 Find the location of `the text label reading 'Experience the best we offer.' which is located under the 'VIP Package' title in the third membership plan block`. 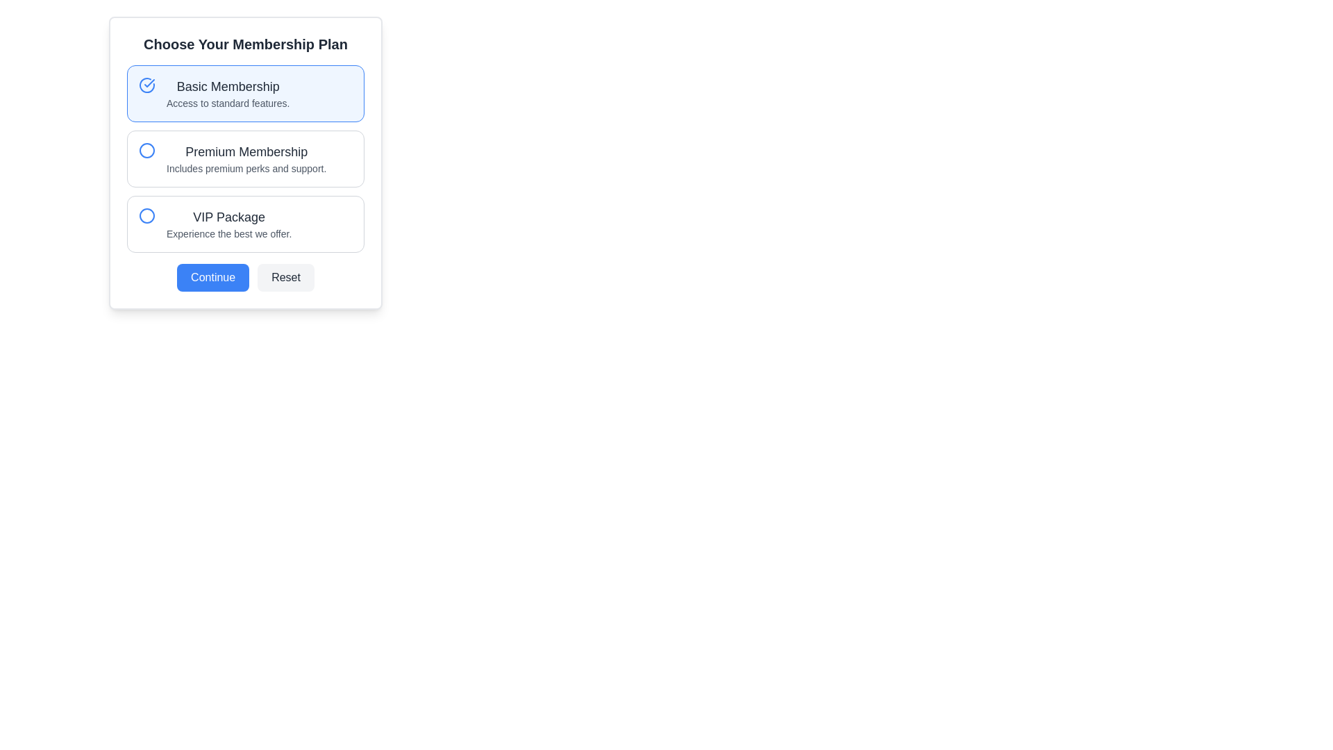

the text label reading 'Experience the best we offer.' which is located under the 'VIP Package' title in the third membership plan block is located at coordinates (229, 233).